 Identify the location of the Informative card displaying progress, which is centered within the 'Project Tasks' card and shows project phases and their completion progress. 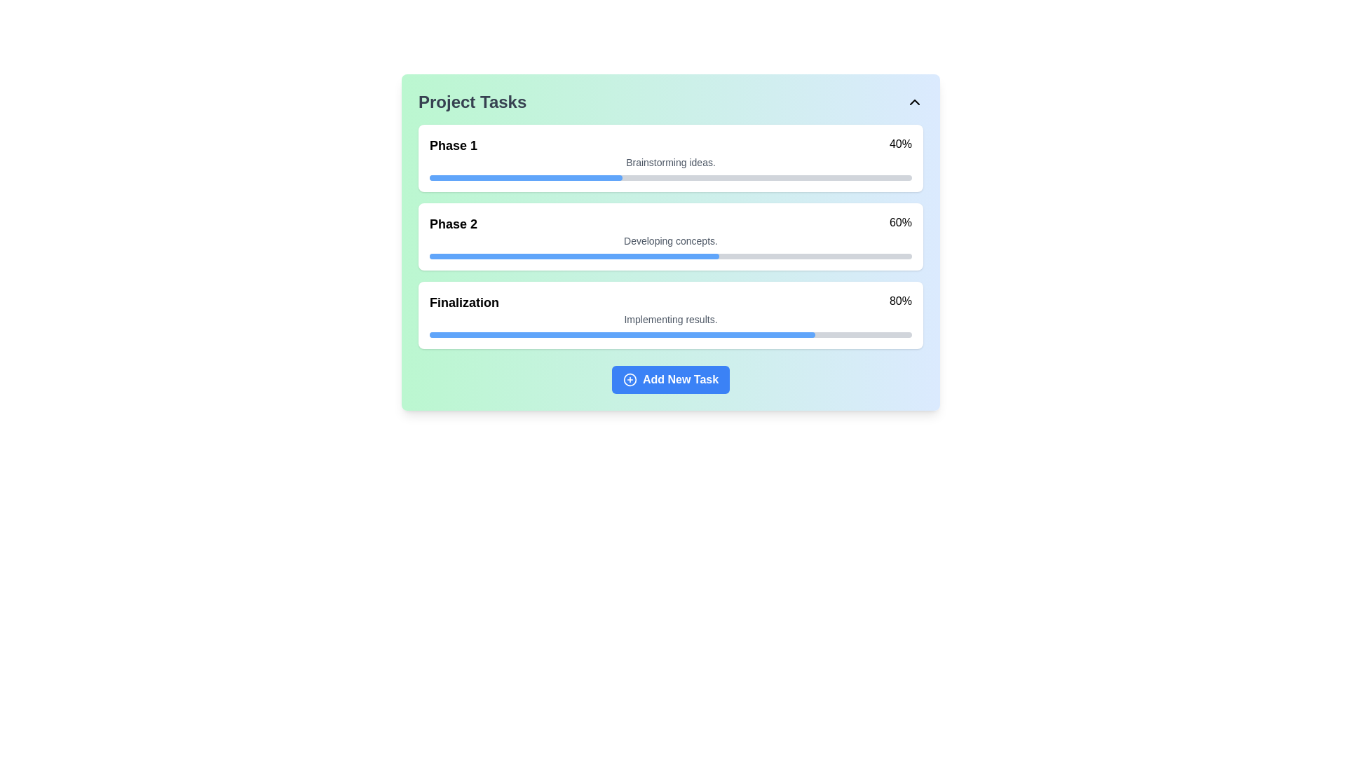
(669, 236).